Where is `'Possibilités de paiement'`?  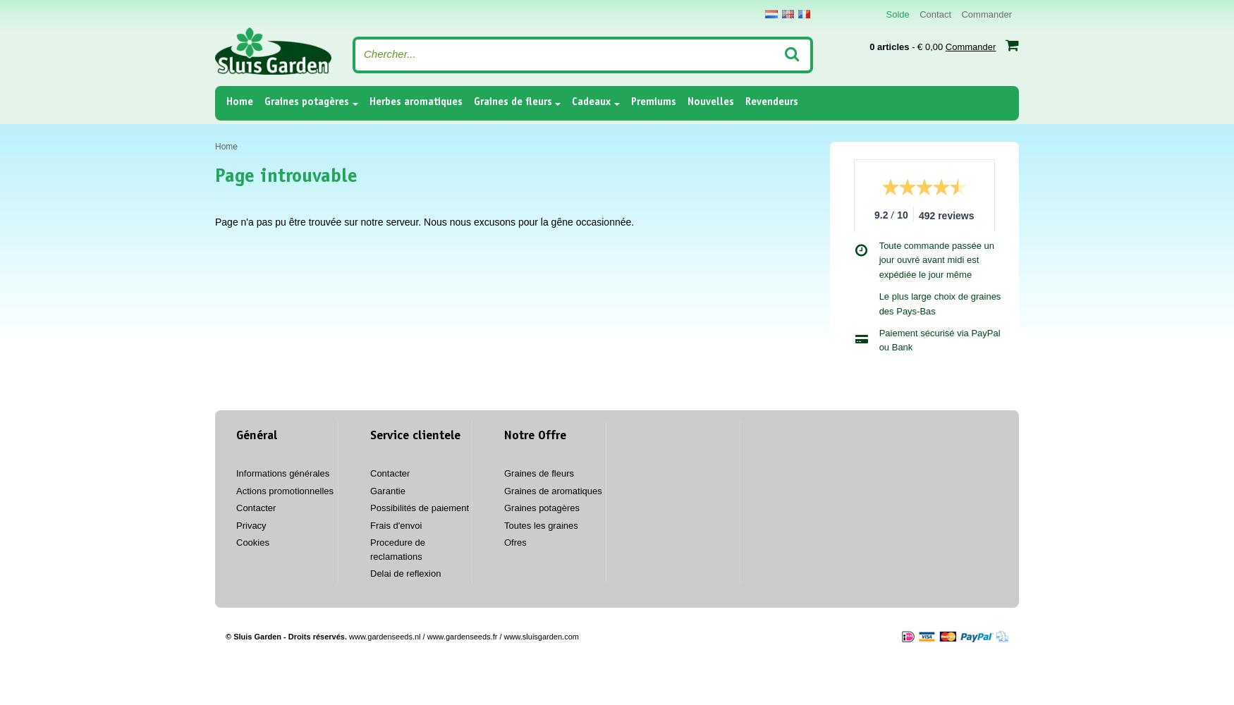 'Possibilités de paiement' is located at coordinates (420, 507).